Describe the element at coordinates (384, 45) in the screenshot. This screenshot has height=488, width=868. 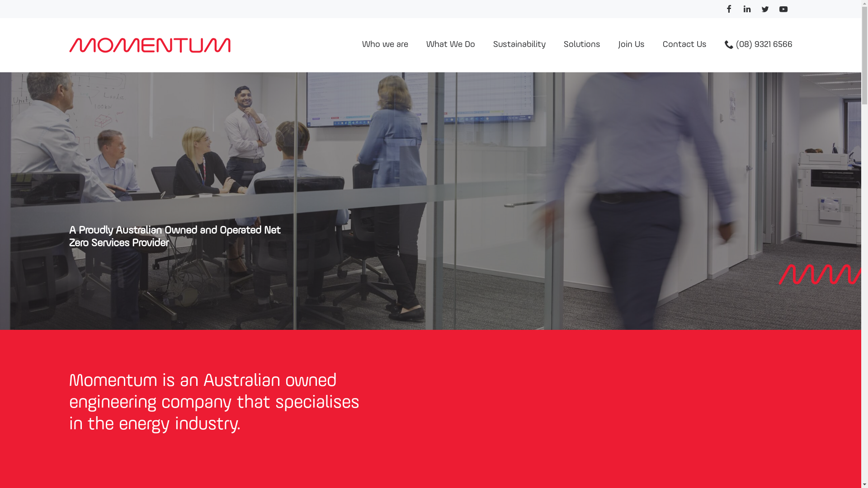
I see `'Who we are'` at that location.